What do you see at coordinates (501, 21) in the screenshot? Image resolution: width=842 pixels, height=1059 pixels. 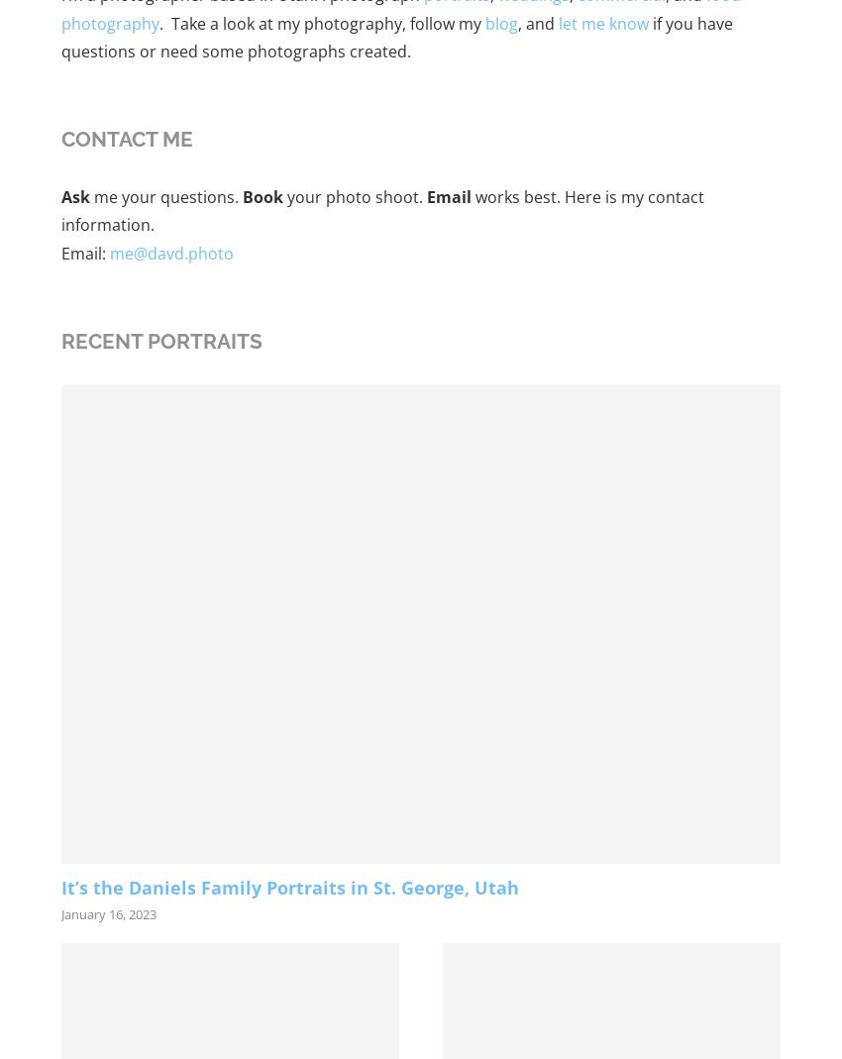 I see `'blog'` at bounding box center [501, 21].